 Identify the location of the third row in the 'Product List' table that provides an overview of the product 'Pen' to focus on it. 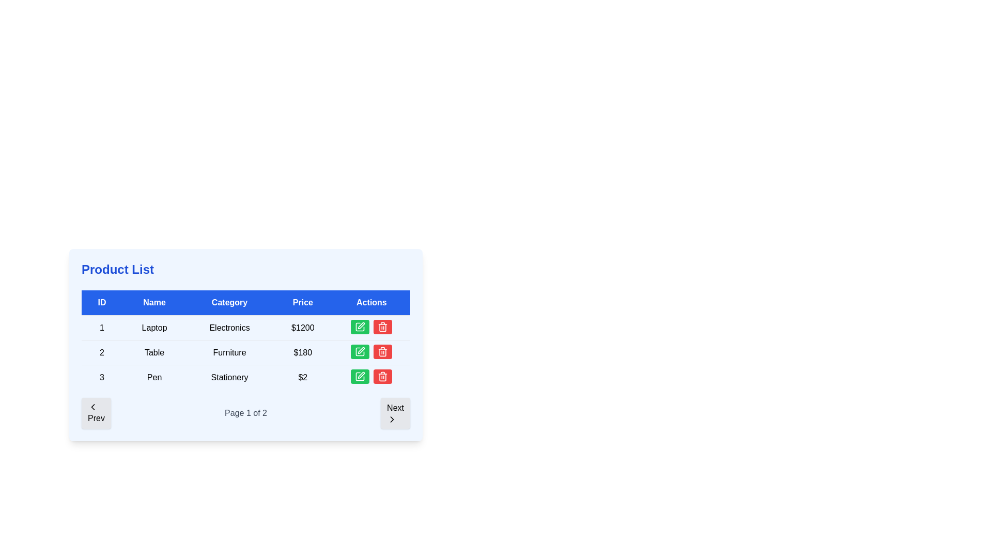
(245, 377).